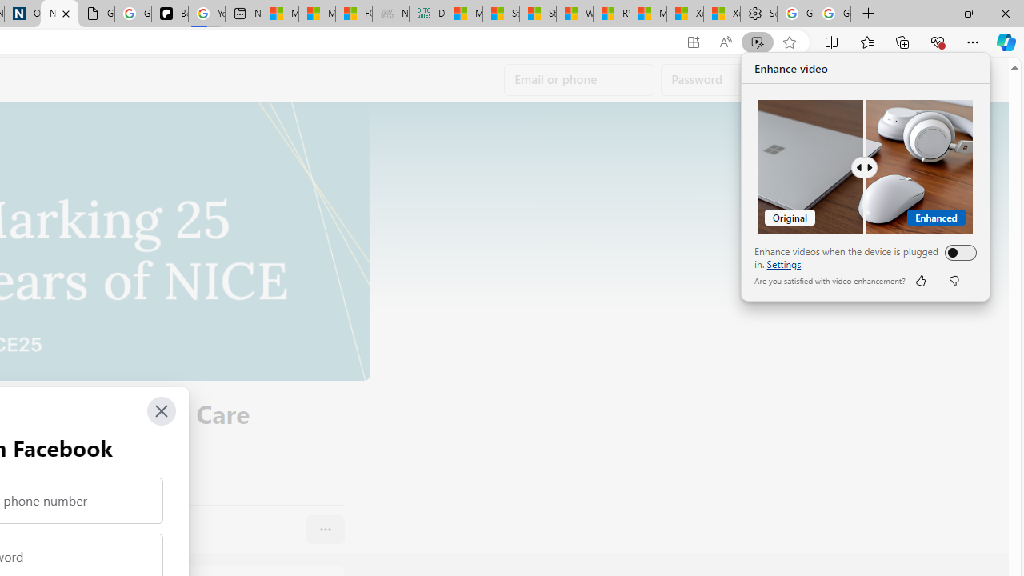 The width and height of the screenshot is (1024, 576). What do you see at coordinates (967, 13) in the screenshot?
I see `'Restore'` at bounding box center [967, 13].